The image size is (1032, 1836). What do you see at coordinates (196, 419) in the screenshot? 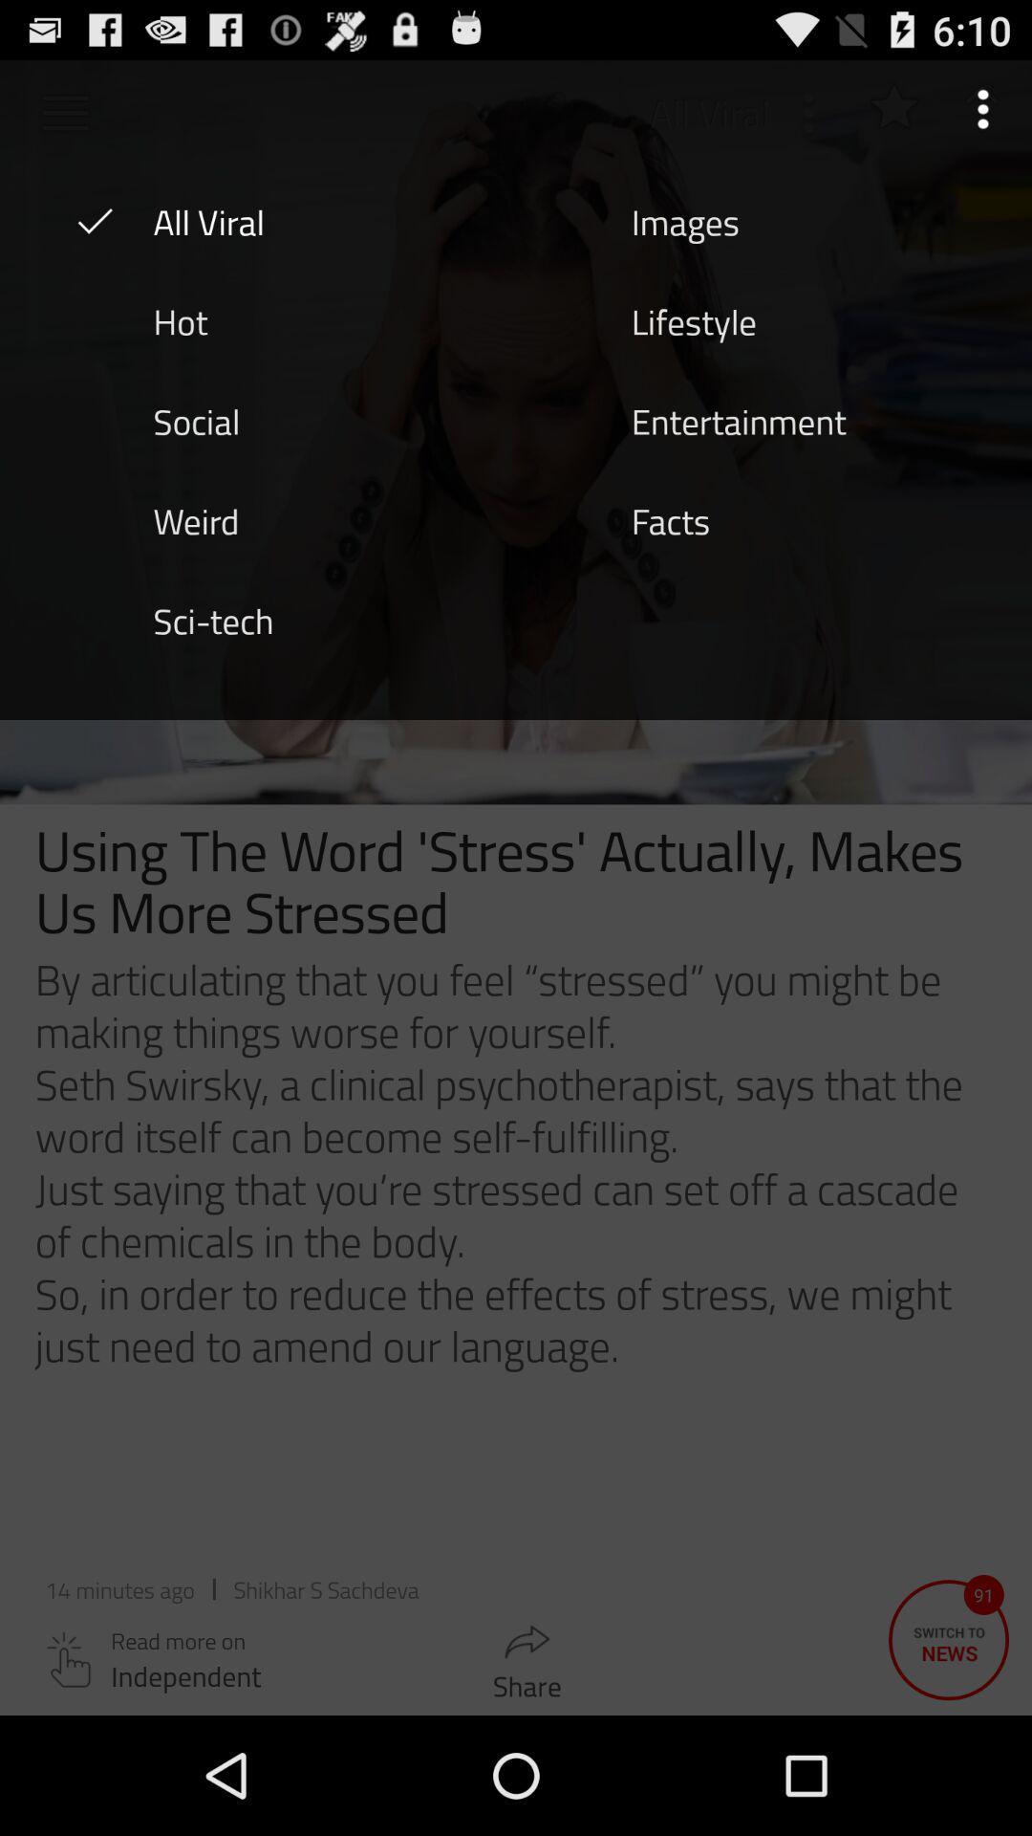
I see `the social icon` at bounding box center [196, 419].